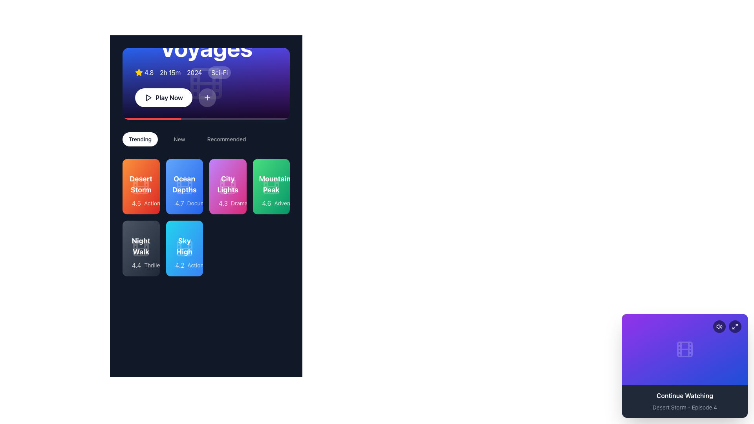 The height and width of the screenshot is (424, 754). What do you see at coordinates (239, 203) in the screenshot?
I see `text content of the text label displaying 'Drama' with a pink background, located in the bottom-right portion of the movie card for 'City Lights.'` at bounding box center [239, 203].